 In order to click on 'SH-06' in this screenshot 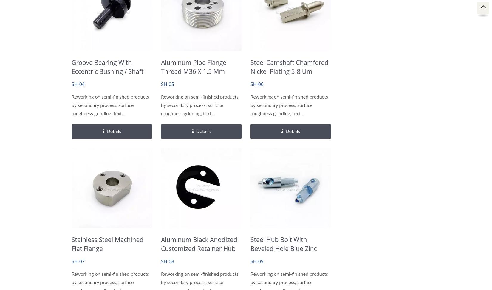, I will do `click(257, 84)`.